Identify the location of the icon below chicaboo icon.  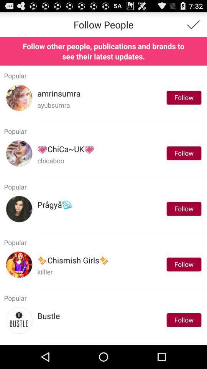
(122, 176).